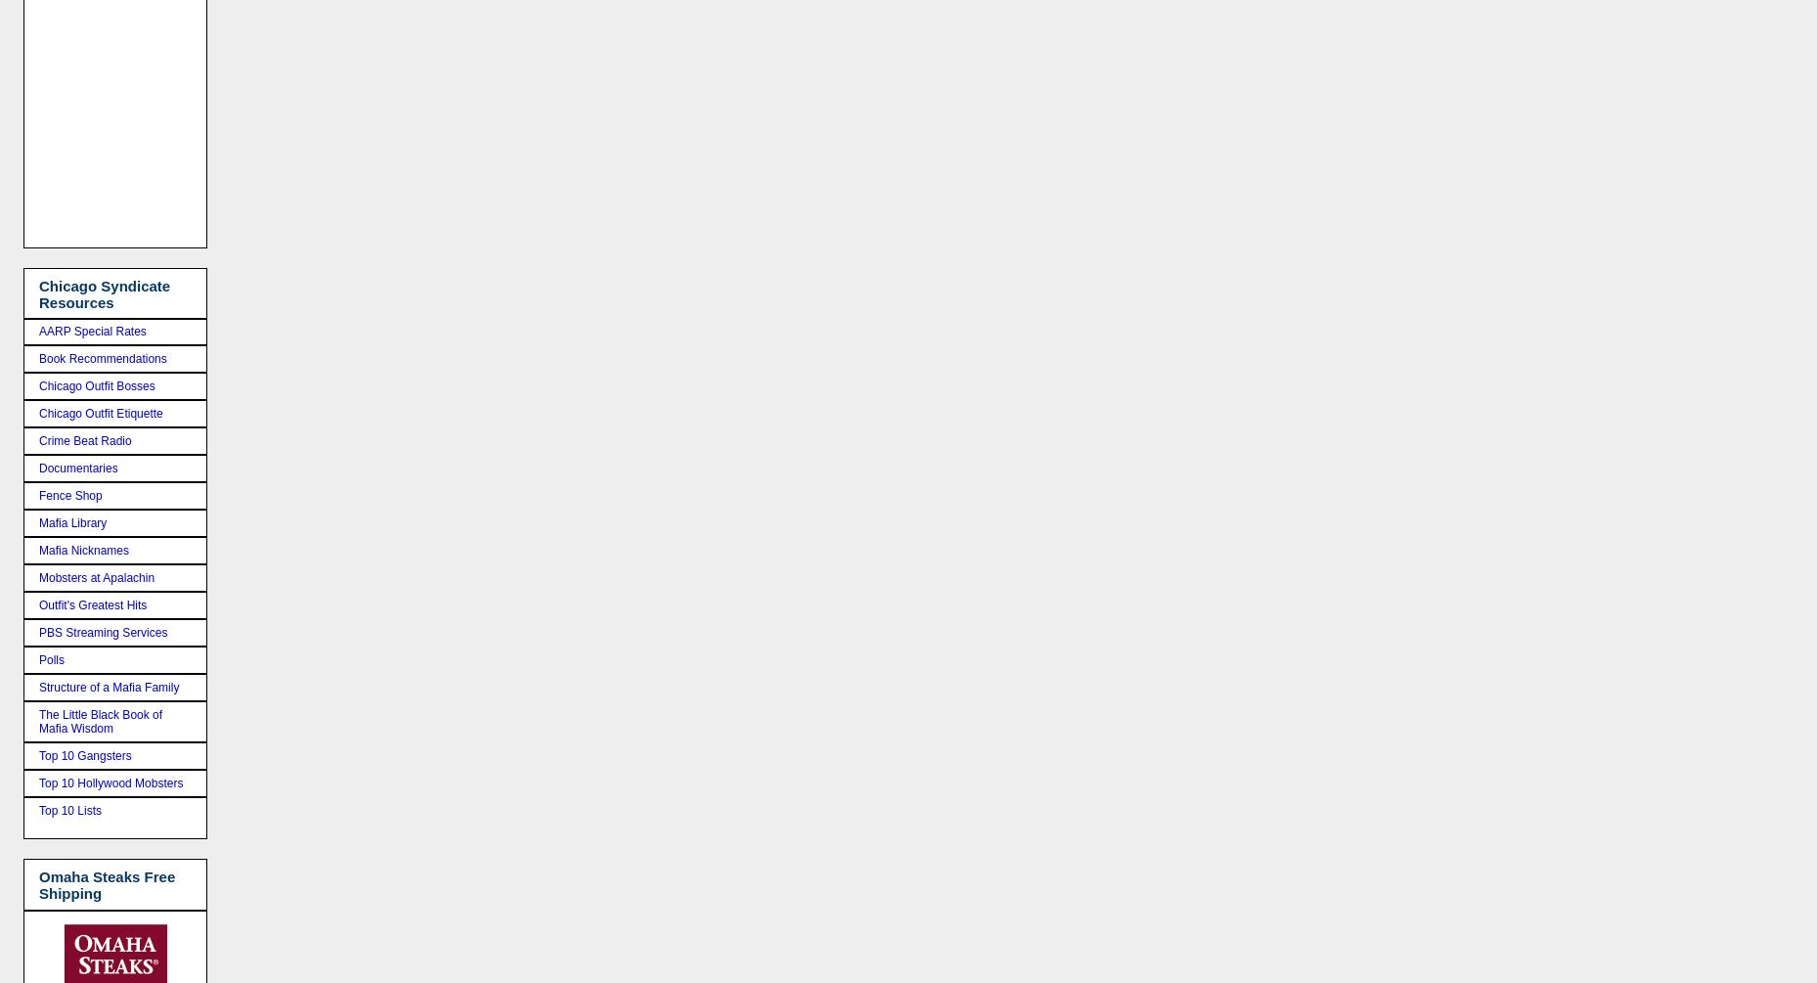 The image size is (1817, 983). I want to click on 'Mafia Library', so click(71, 521).